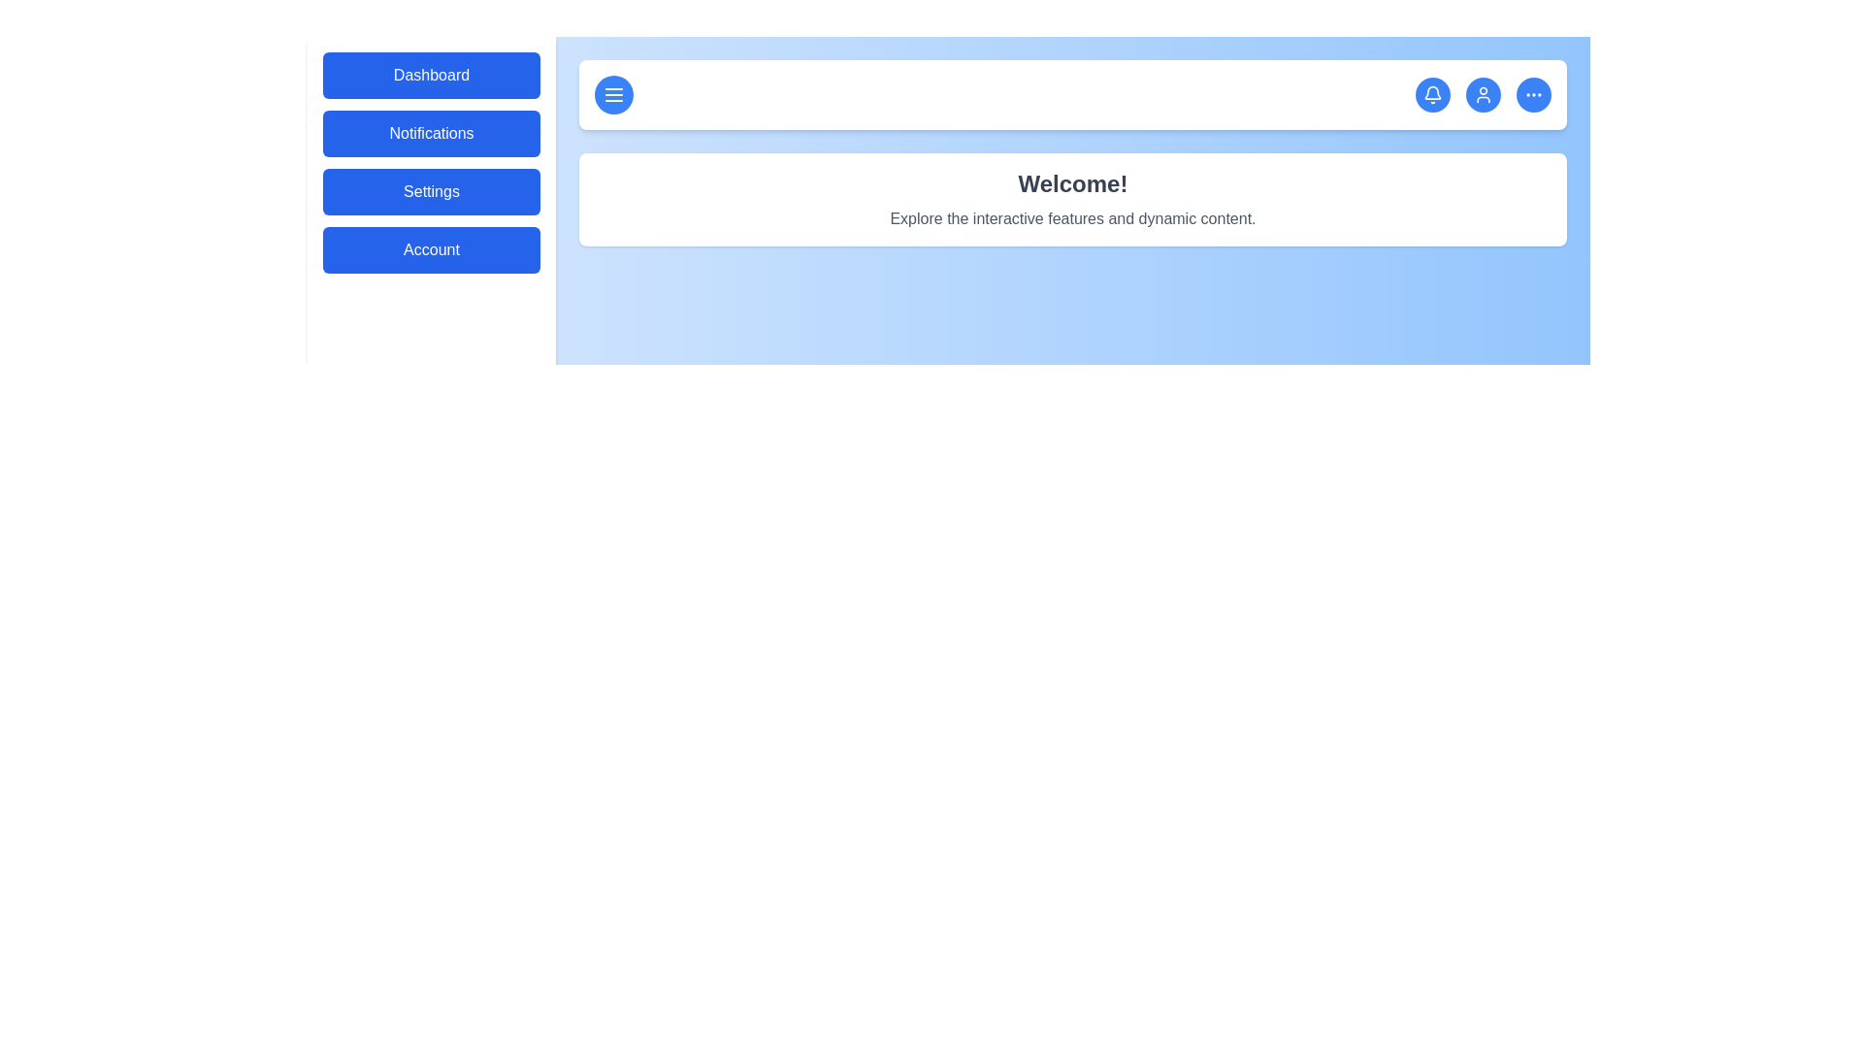 This screenshot has width=1863, height=1048. What do you see at coordinates (431, 191) in the screenshot?
I see `the 'Settings' menu item in the sidebar` at bounding box center [431, 191].